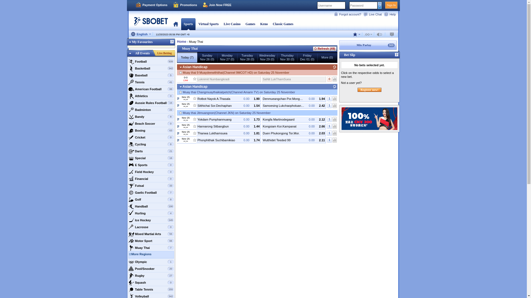 The width and height of the screenshot is (531, 298). Describe the element at coordinates (151, 199) in the screenshot. I see `'Golf` at that location.